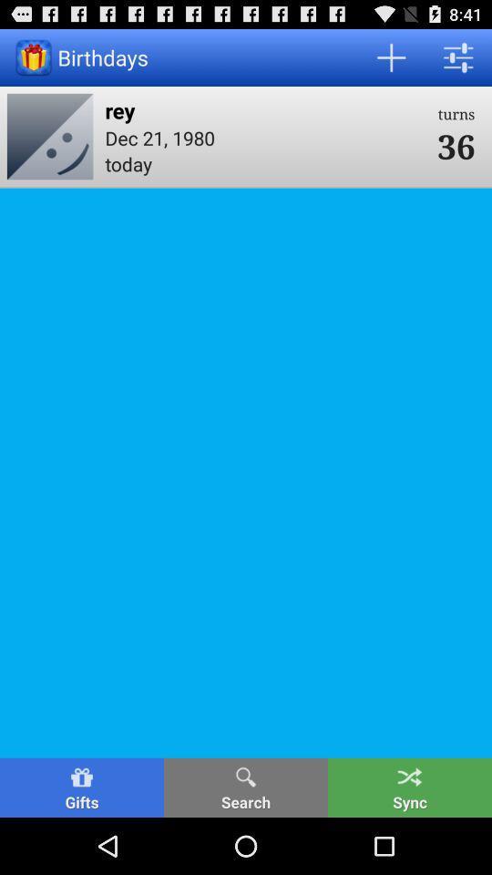 The width and height of the screenshot is (492, 875). I want to click on item next to sync icon, so click(246, 787).